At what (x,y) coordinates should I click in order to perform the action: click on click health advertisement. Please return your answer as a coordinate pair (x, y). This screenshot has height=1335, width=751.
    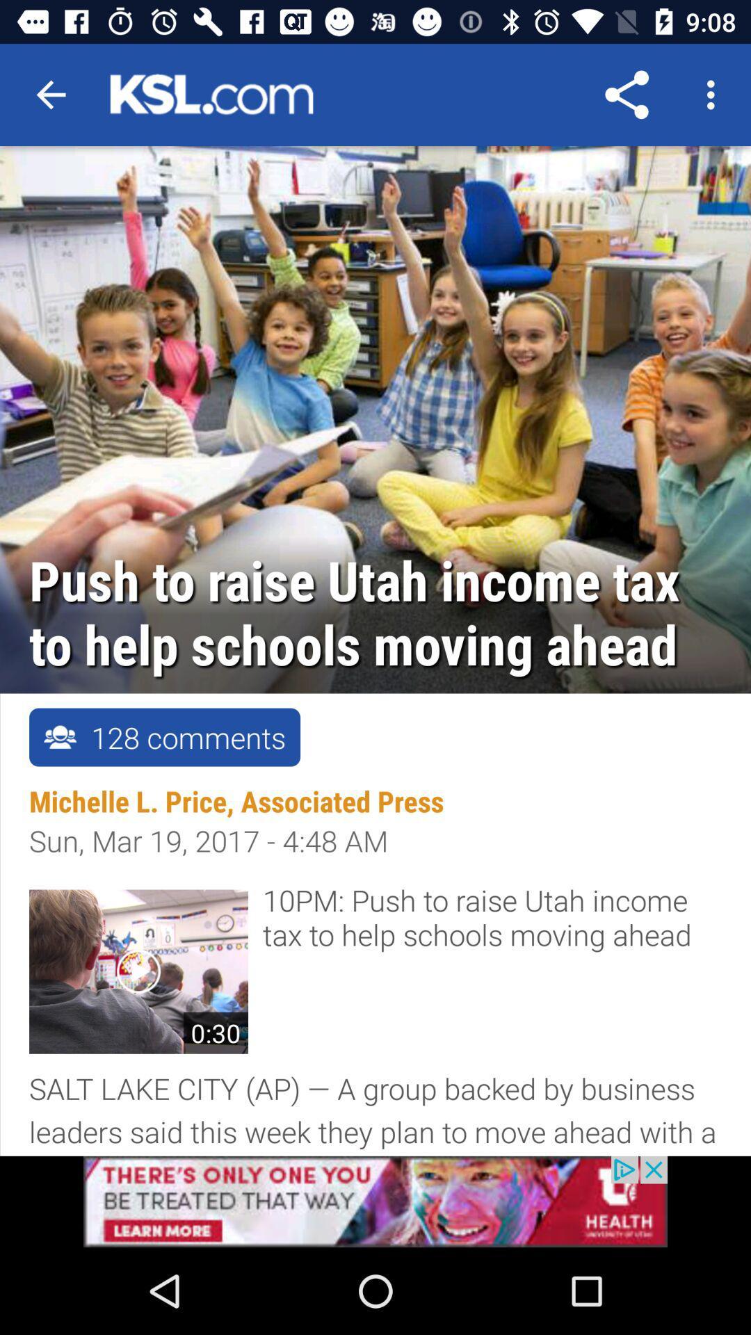
    Looking at the image, I should click on (375, 1201).